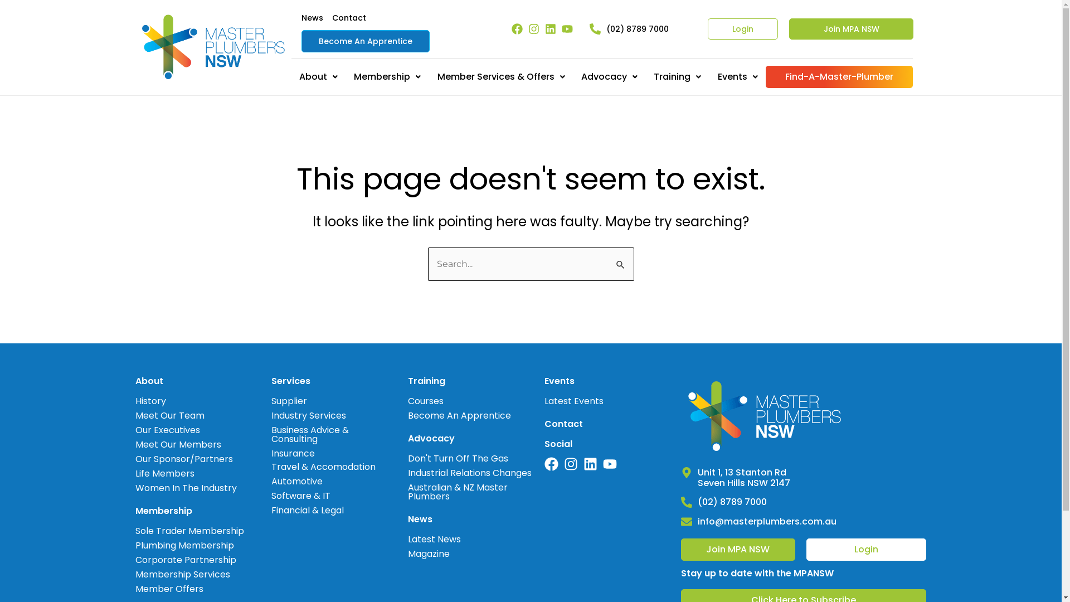 Image resolution: width=1070 pixels, height=602 pixels. I want to click on 'Advocacy', so click(609, 76).